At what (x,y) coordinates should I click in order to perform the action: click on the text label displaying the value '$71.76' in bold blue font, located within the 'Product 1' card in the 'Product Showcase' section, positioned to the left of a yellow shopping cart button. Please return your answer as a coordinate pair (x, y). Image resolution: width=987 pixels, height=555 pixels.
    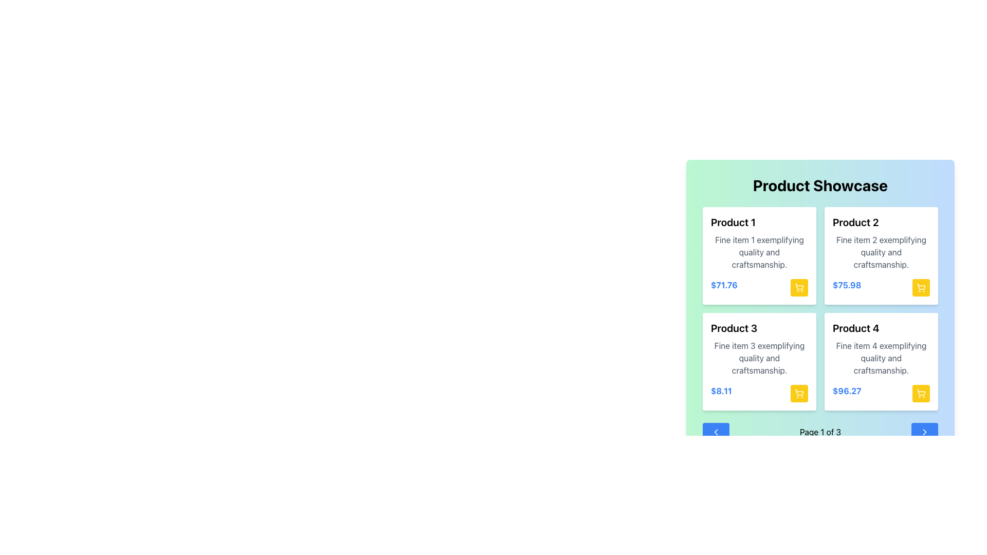
    Looking at the image, I should click on (723, 287).